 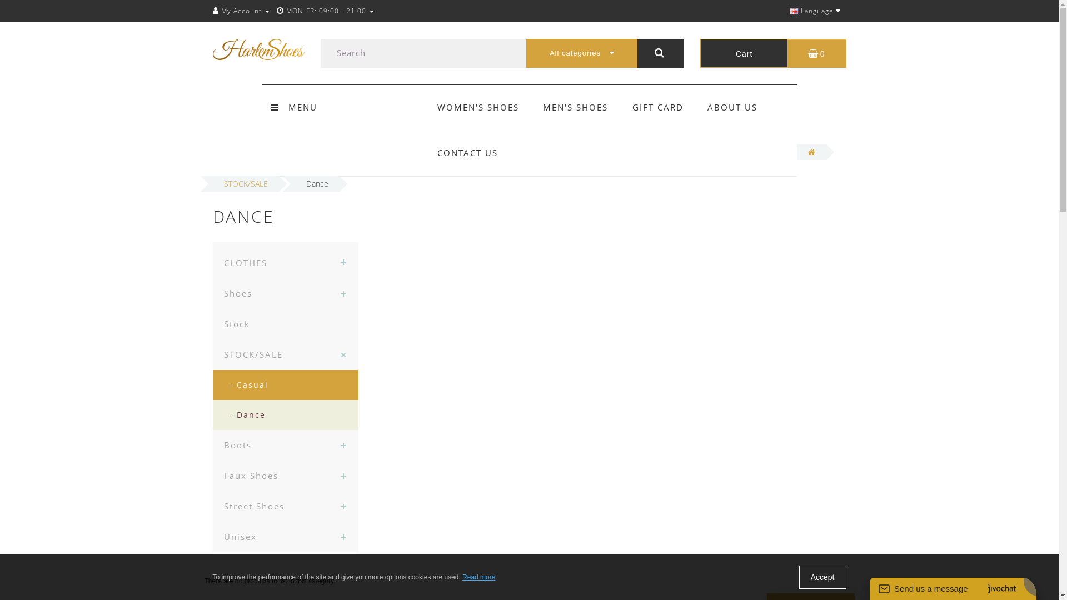 What do you see at coordinates (240, 11) in the screenshot?
I see `'My Account'` at bounding box center [240, 11].